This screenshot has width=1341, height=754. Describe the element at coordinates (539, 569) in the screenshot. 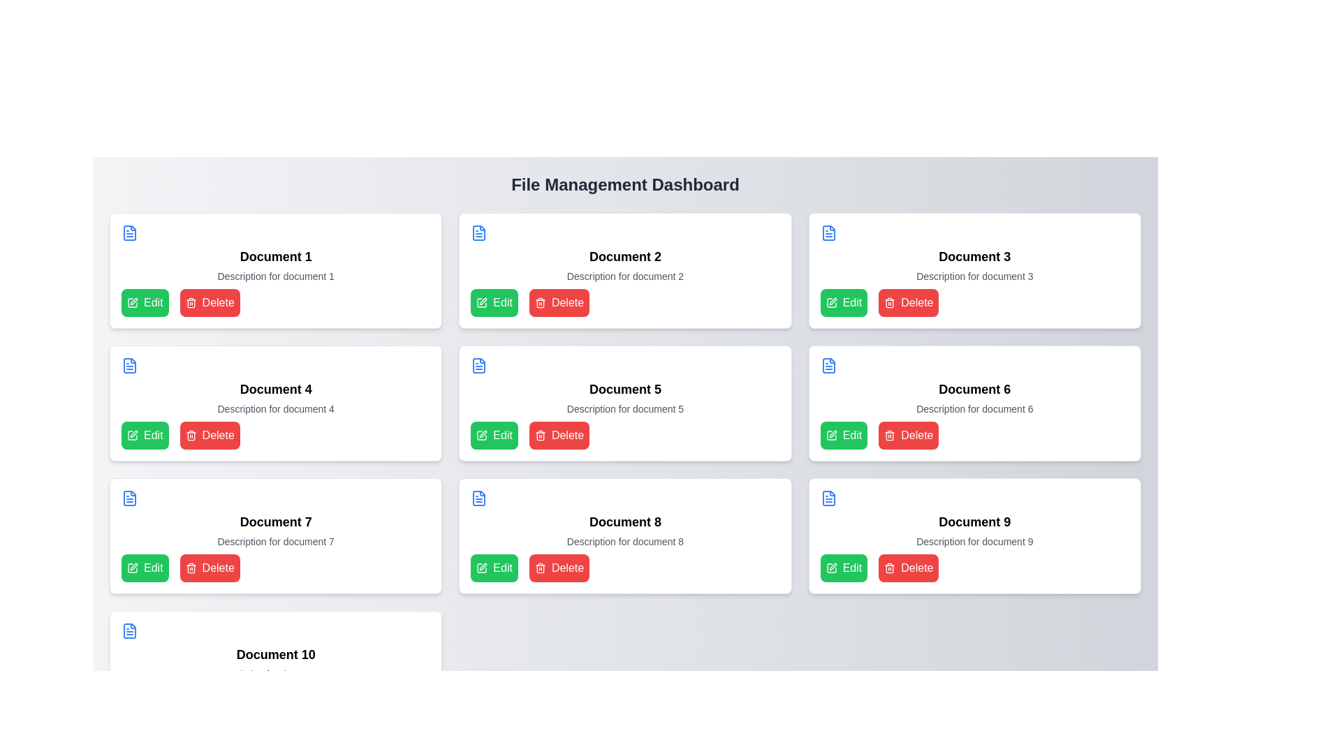

I see `the trash bin icon within the Delete button of the card for 'Document 8' in the grid of document cards` at that location.